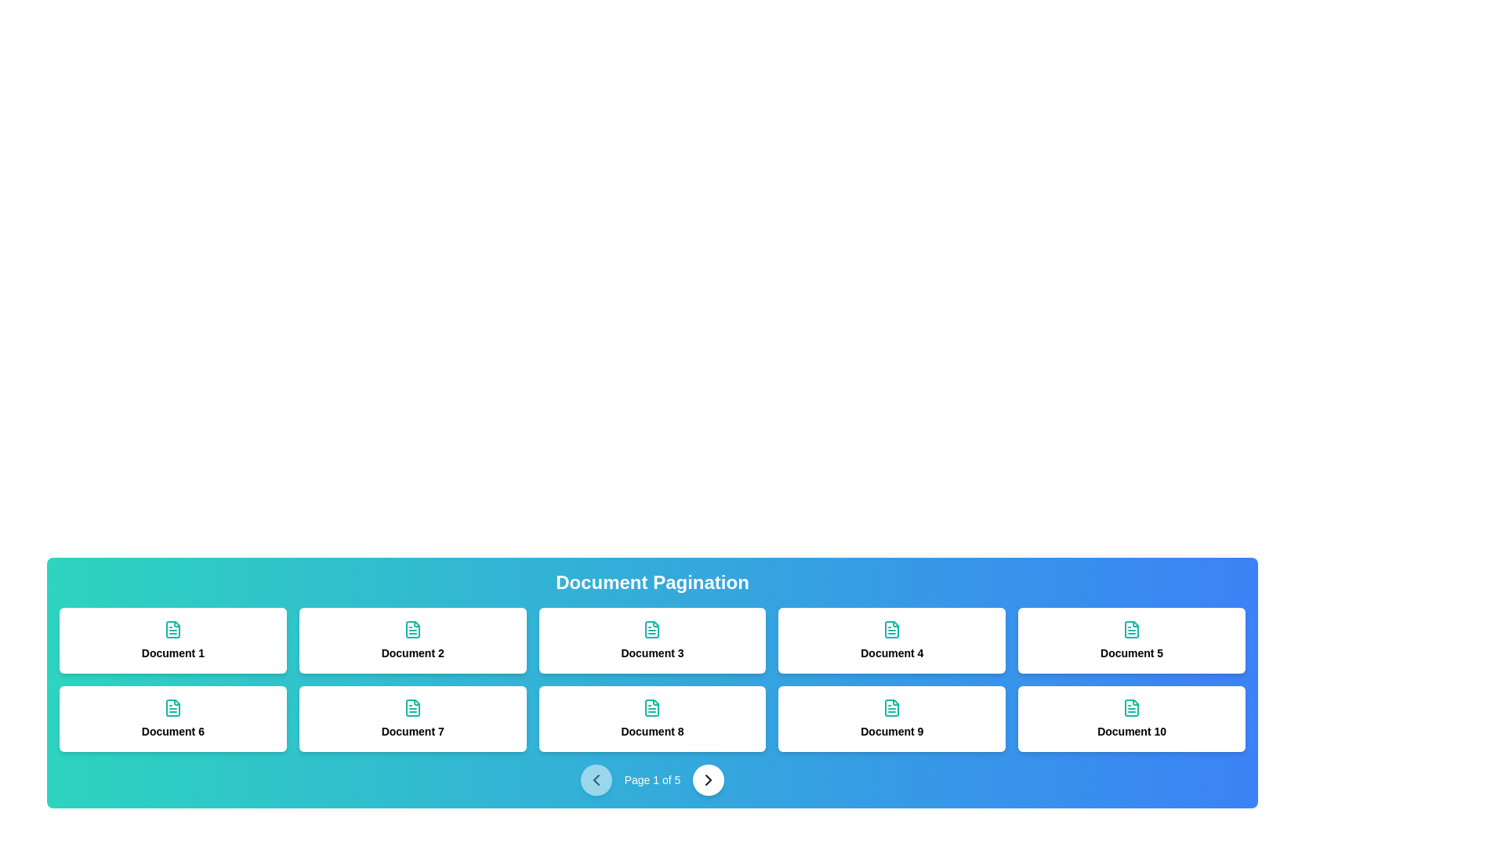 The width and height of the screenshot is (1505, 846). Describe the element at coordinates (172, 653) in the screenshot. I see `the text label 'Document 1' which is located in the top-left of the grid layout, below the document icon` at that location.